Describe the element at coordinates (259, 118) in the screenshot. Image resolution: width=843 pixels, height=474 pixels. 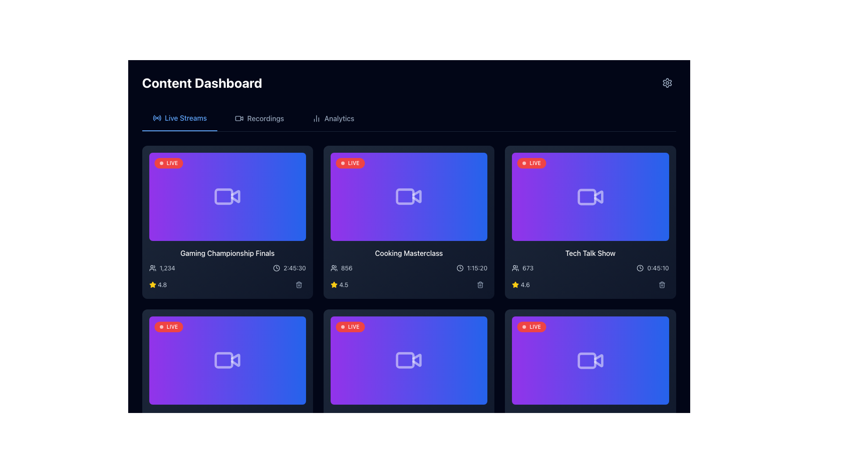
I see `the 'Recordings' navigation button using tab navigation` at that location.